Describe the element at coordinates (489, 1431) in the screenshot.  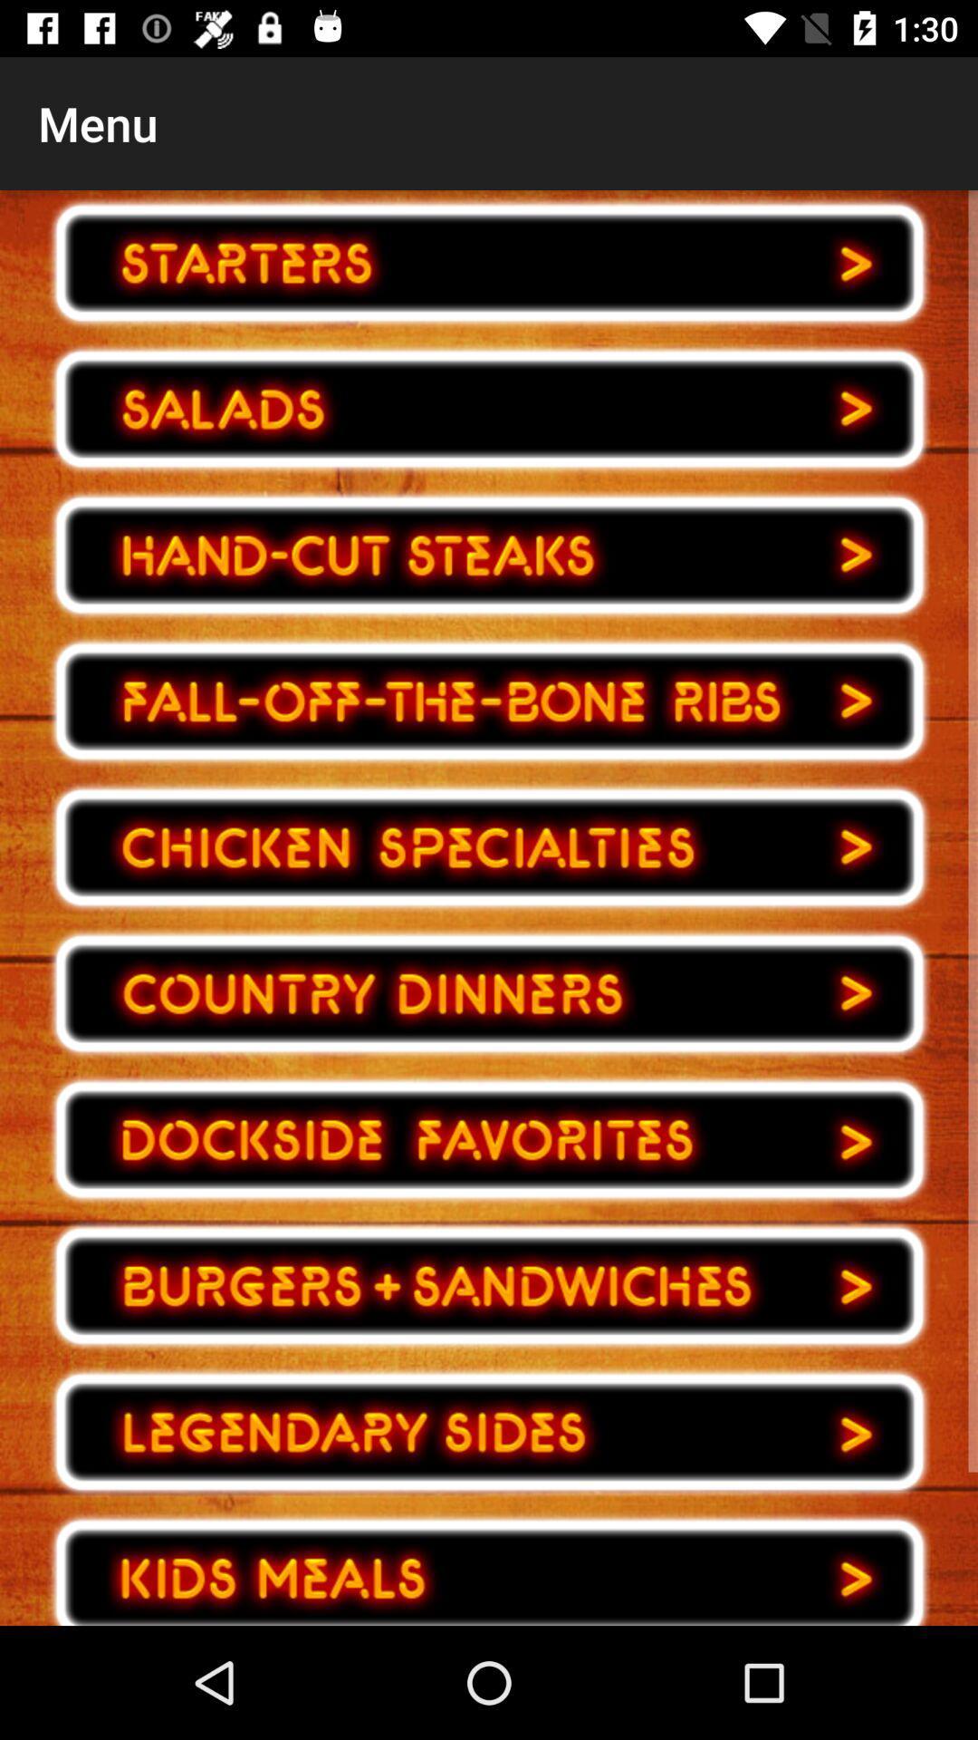
I see `choose your choice` at that location.